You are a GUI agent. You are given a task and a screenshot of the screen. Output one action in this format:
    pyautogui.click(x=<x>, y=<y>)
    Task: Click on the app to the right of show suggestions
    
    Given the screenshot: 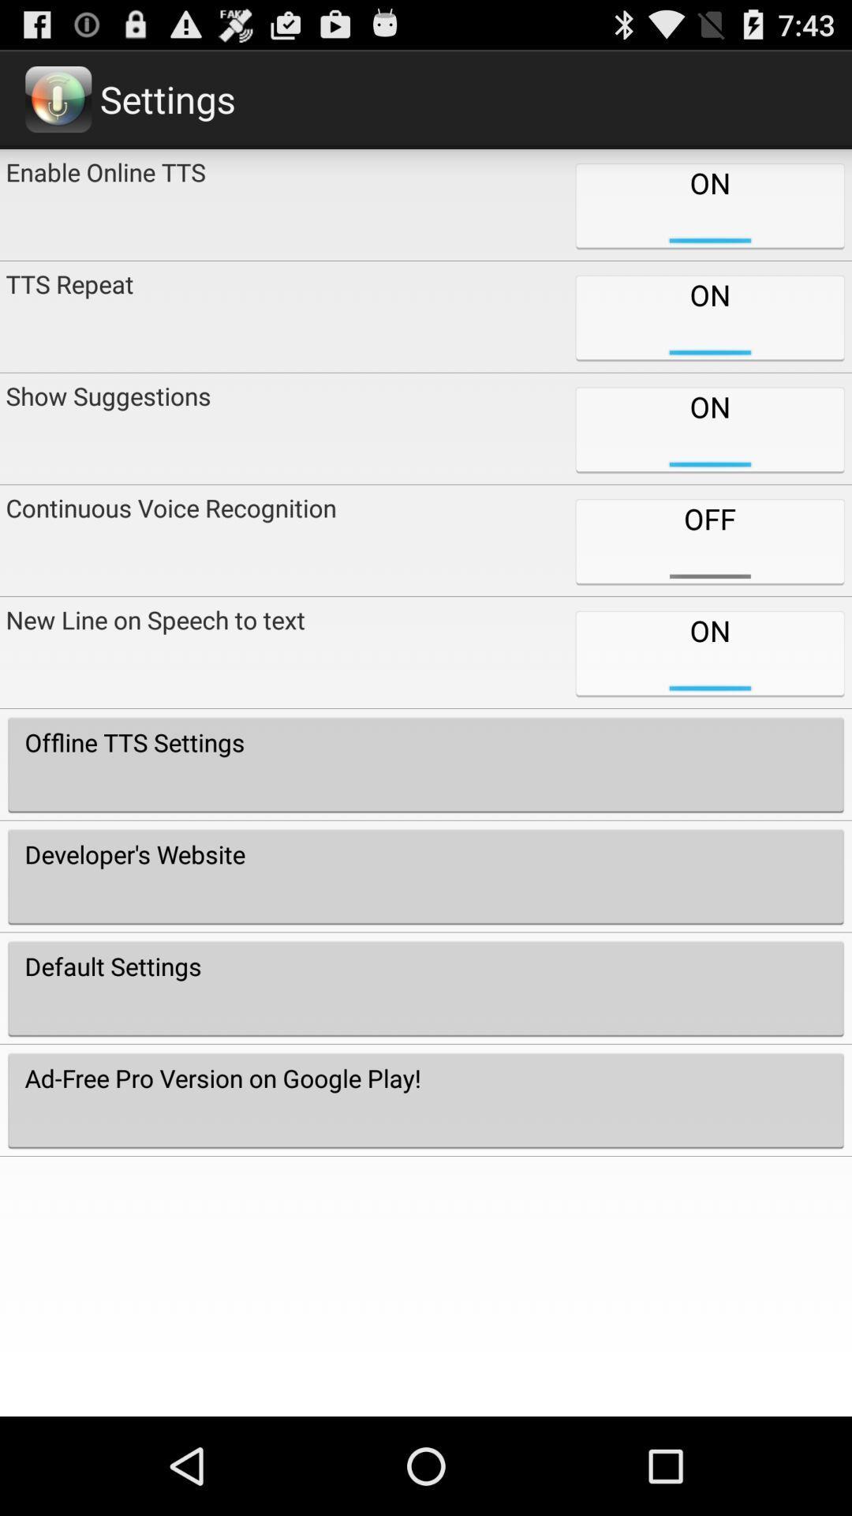 What is the action you would take?
    pyautogui.click(x=708, y=541)
    